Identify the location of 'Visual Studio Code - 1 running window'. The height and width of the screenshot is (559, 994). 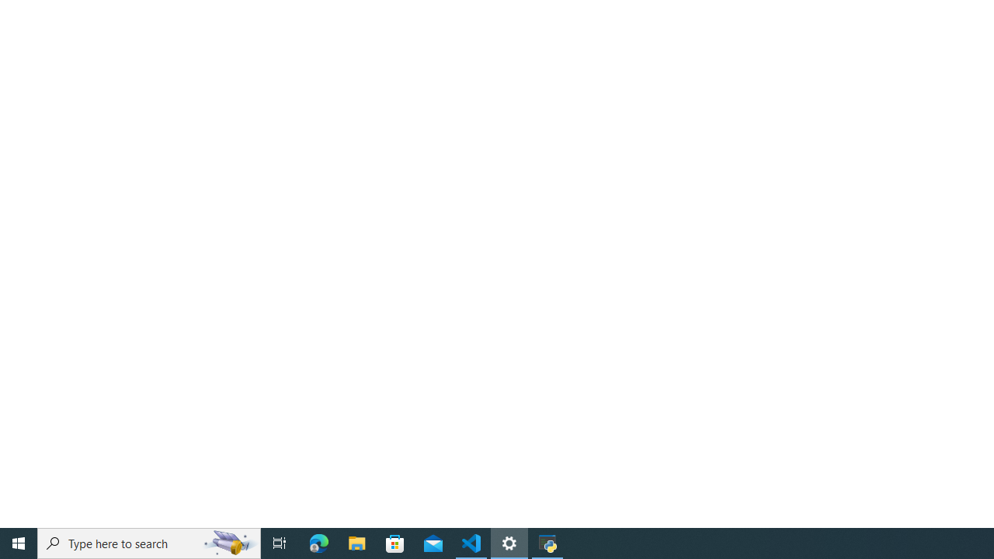
(471, 542).